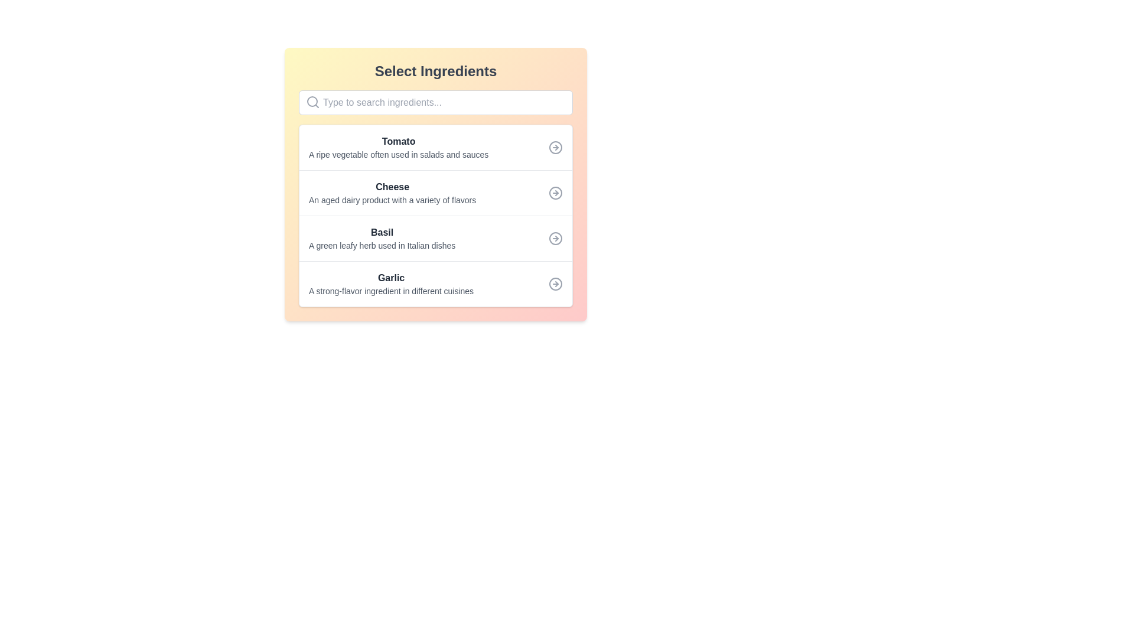 This screenshot has height=638, width=1134. Describe the element at coordinates (435, 102) in the screenshot. I see `the search bar located beneath the title 'Select Ingredients' to focus on the field` at that location.